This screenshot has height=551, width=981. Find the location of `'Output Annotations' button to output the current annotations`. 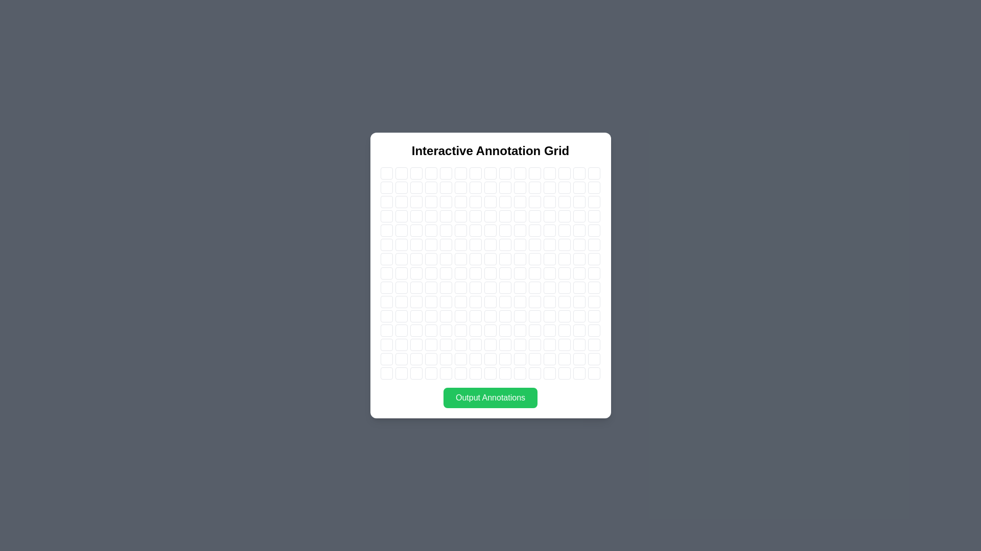

'Output Annotations' button to output the current annotations is located at coordinates (491, 397).